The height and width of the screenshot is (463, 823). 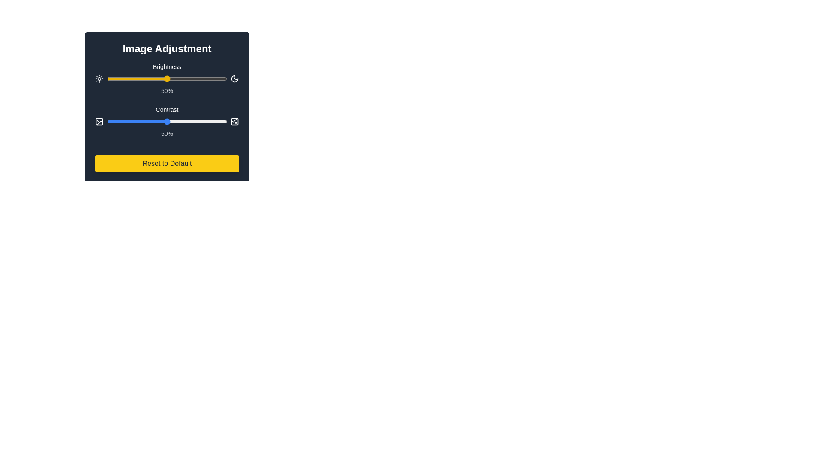 What do you see at coordinates (225, 79) in the screenshot?
I see `brightness` at bounding box center [225, 79].